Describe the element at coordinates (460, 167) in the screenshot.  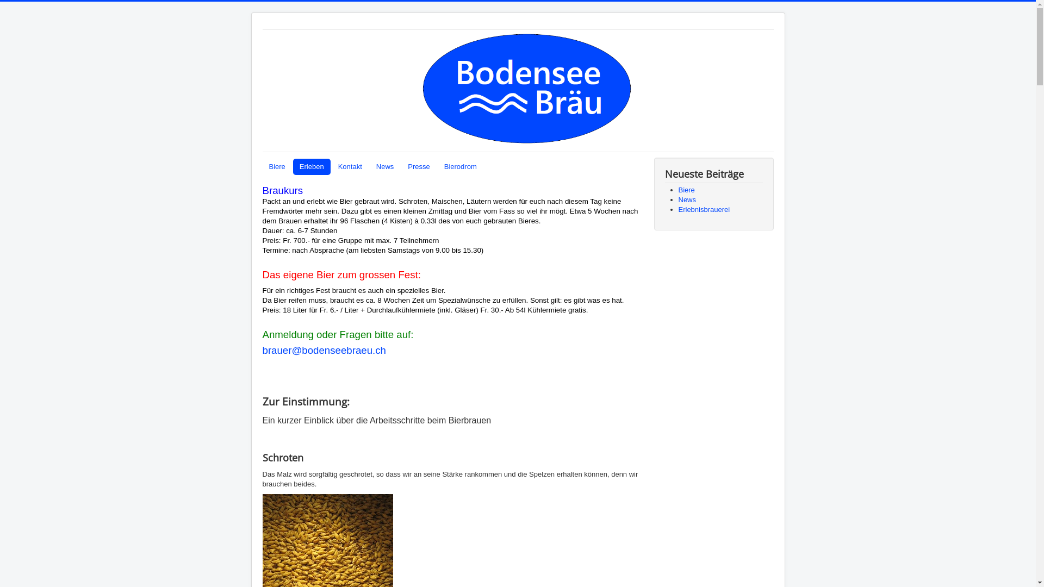
I see `'Bierodrom'` at that location.